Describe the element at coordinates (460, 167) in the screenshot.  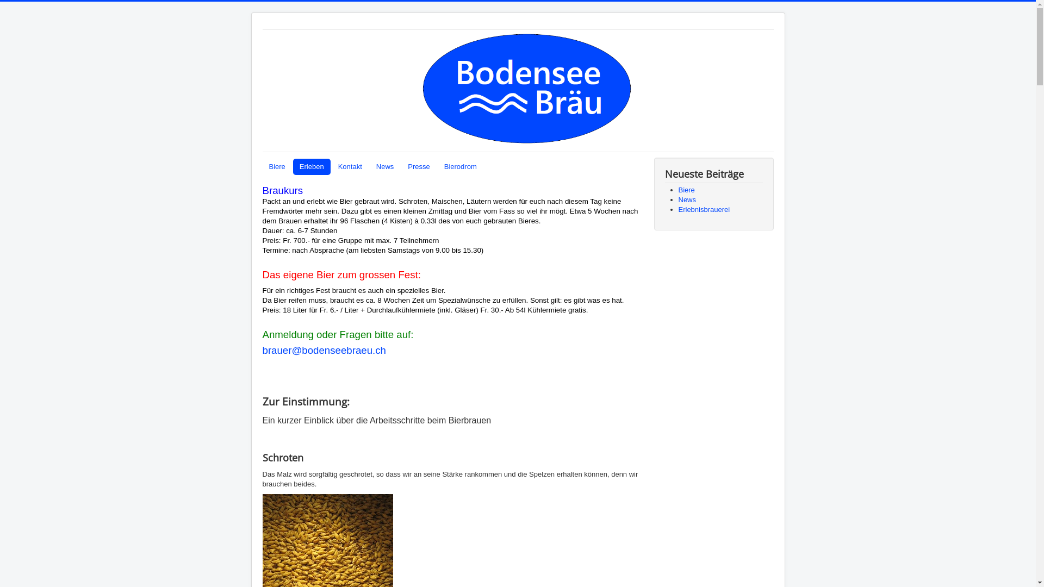
I see `'Bierodrom'` at that location.